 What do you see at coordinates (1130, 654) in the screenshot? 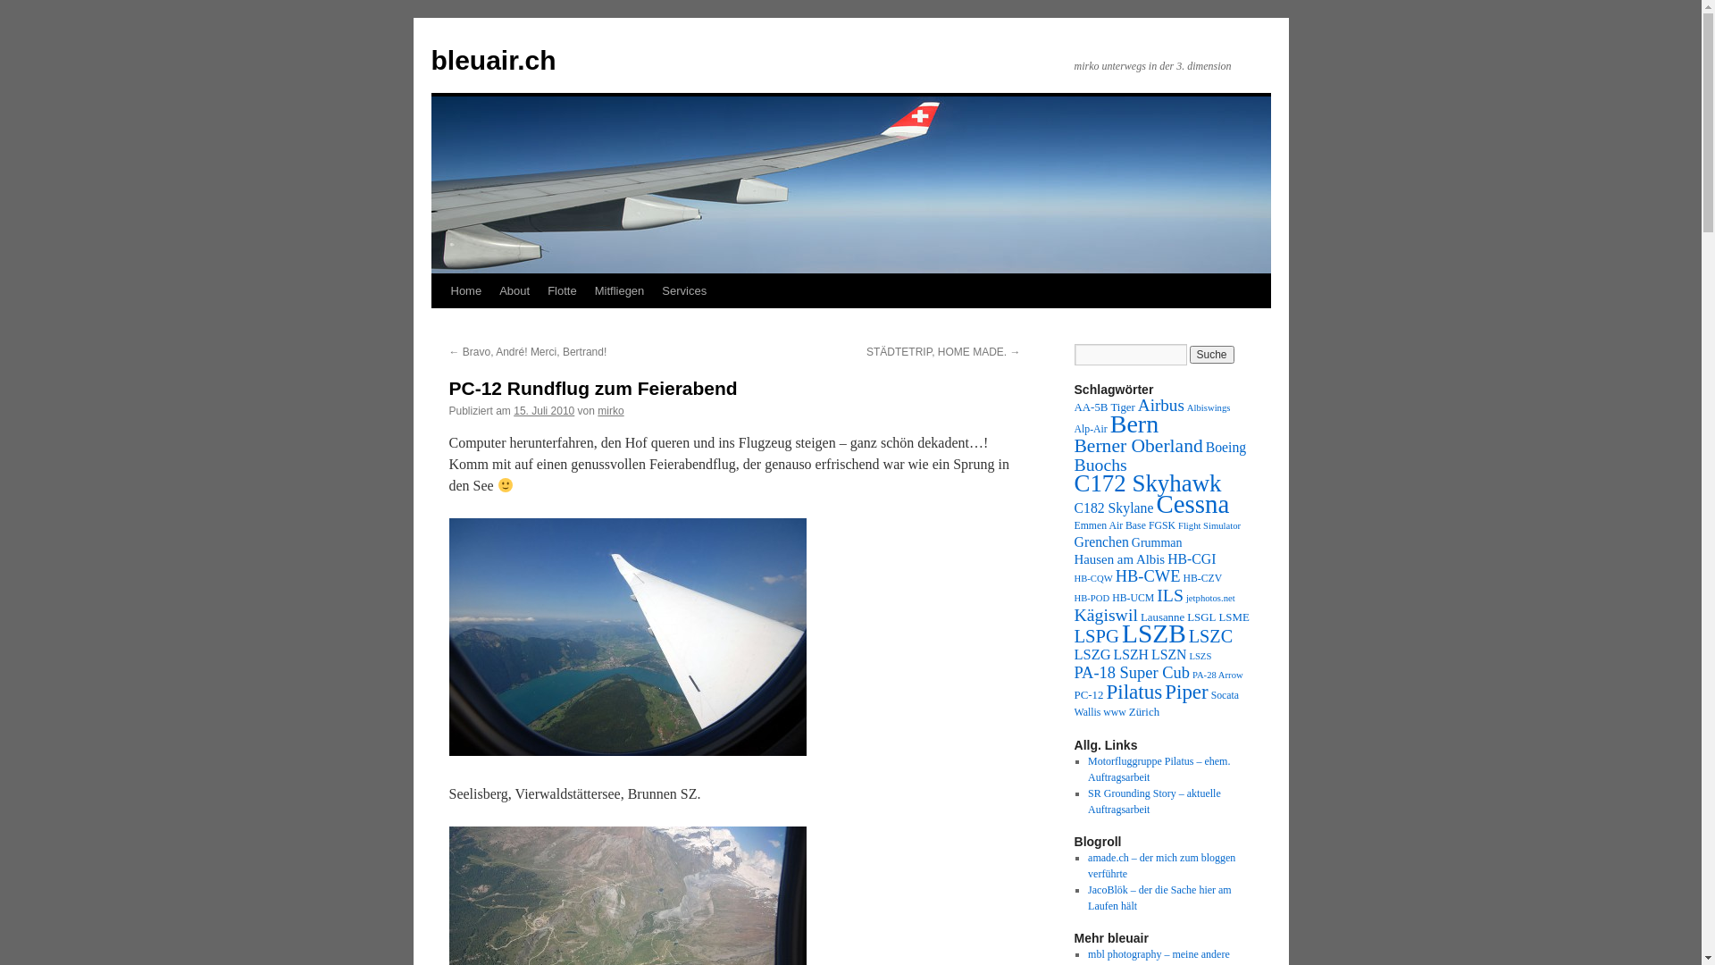
I see `'LSZH'` at bounding box center [1130, 654].